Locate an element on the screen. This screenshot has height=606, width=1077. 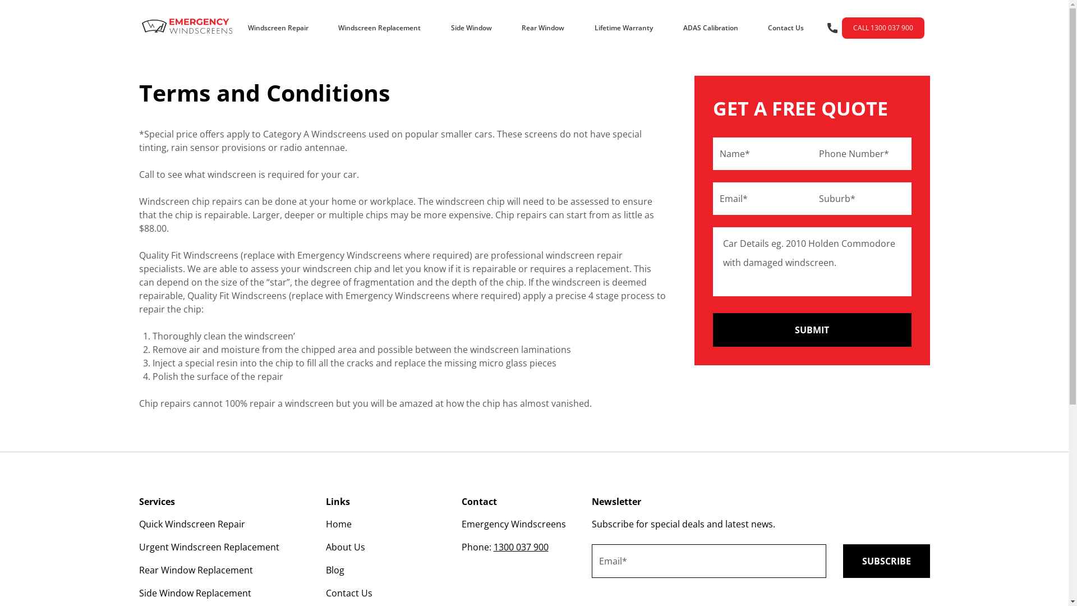
'Side Window Replacement' is located at coordinates (195, 593).